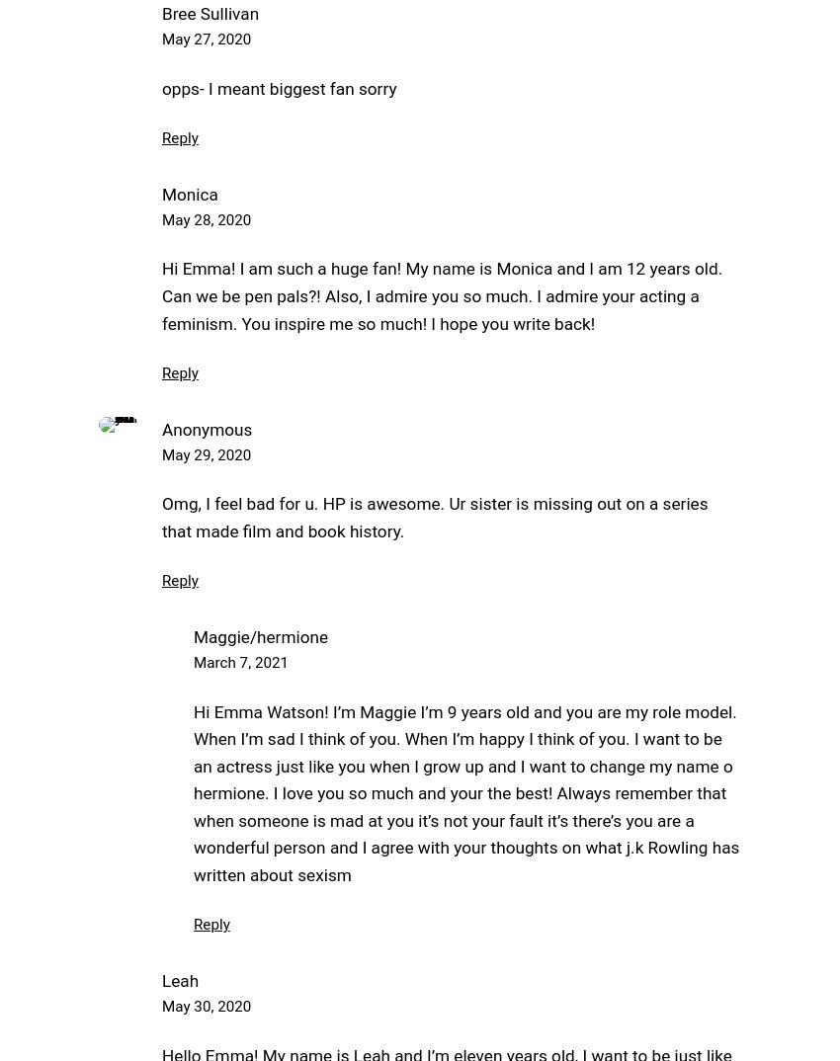 The image size is (840, 1061). What do you see at coordinates (241, 662) in the screenshot?
I see `'March 7, 2021'` at bounding box center [241, 662].